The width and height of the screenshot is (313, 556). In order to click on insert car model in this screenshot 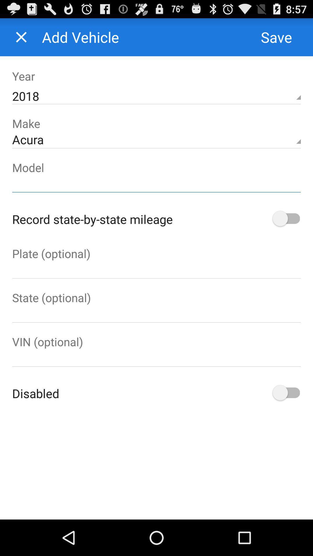, I will do `click(156, 183)`.